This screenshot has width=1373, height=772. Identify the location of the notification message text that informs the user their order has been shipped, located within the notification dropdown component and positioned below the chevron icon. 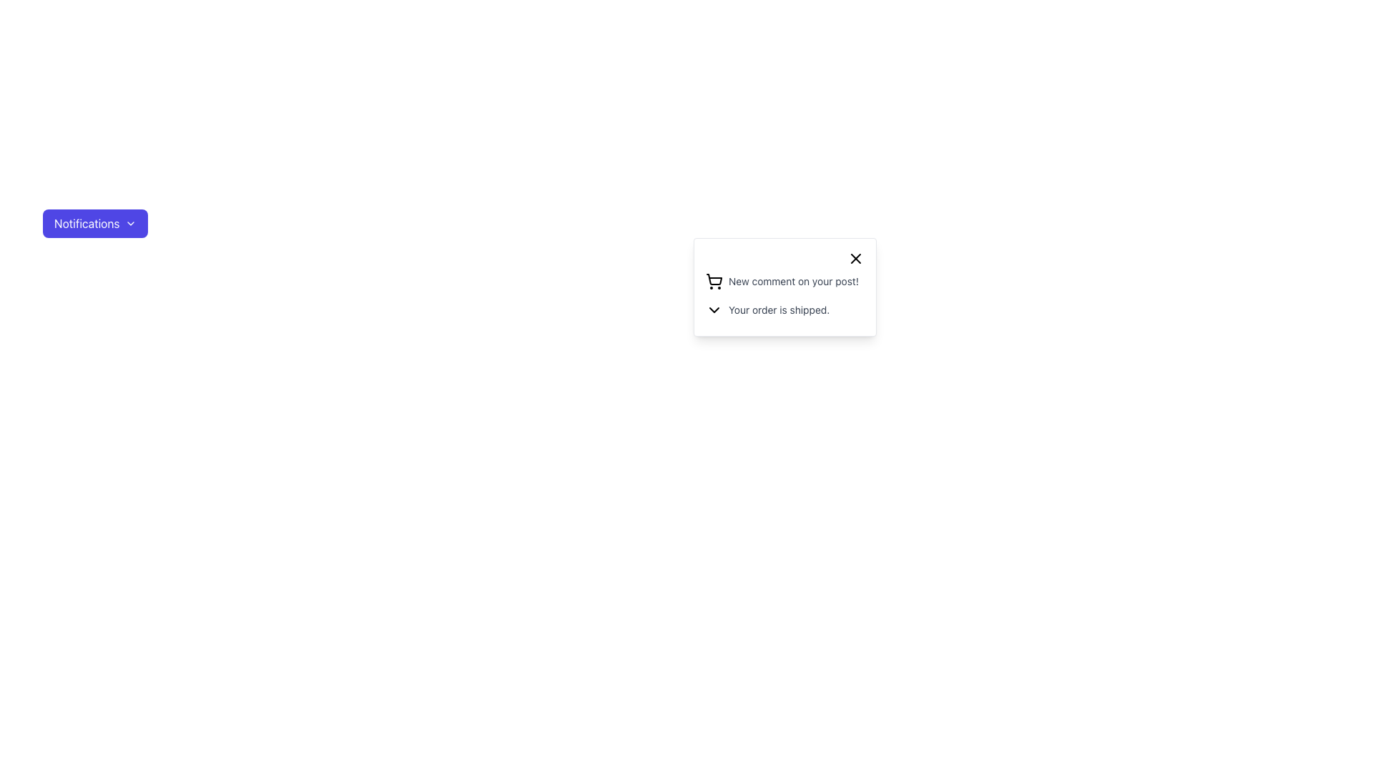
(778, 310).